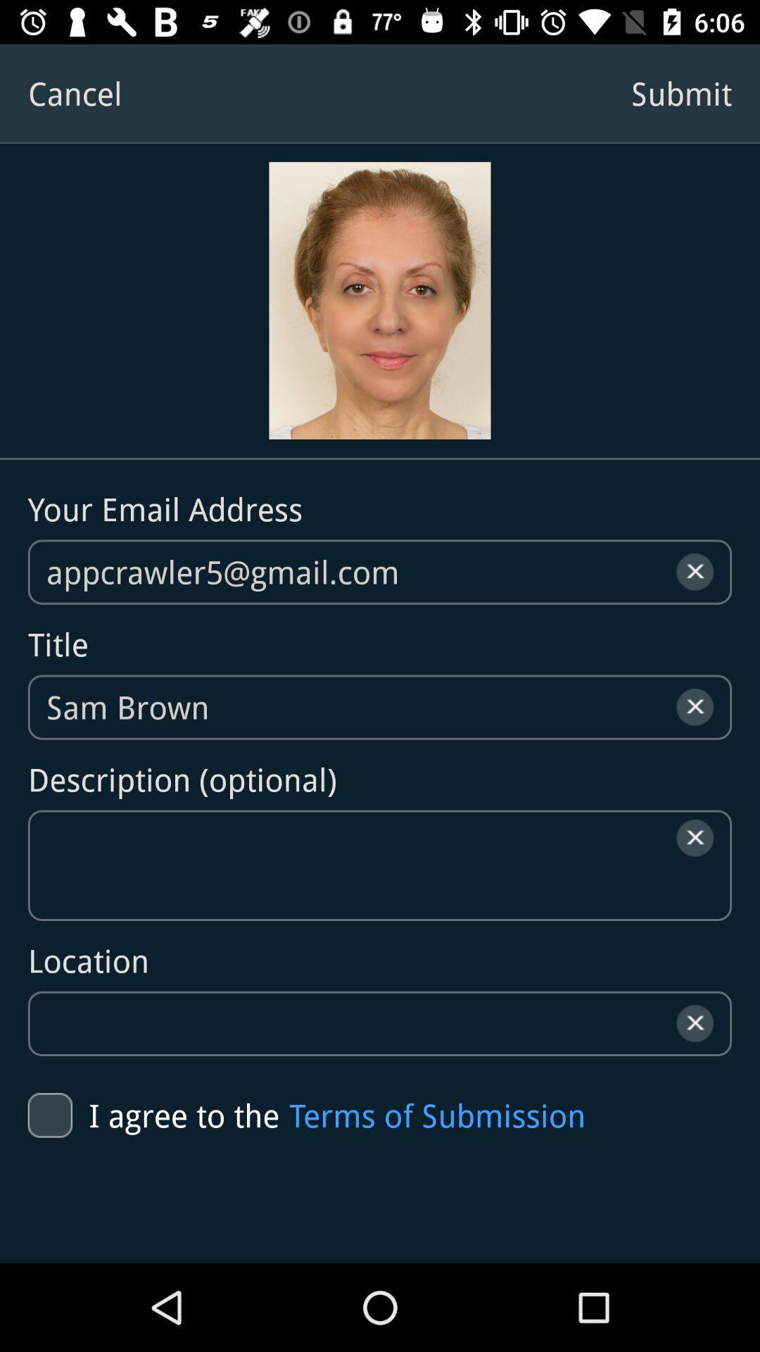  I want to click on the close icon, so click(694, 707).